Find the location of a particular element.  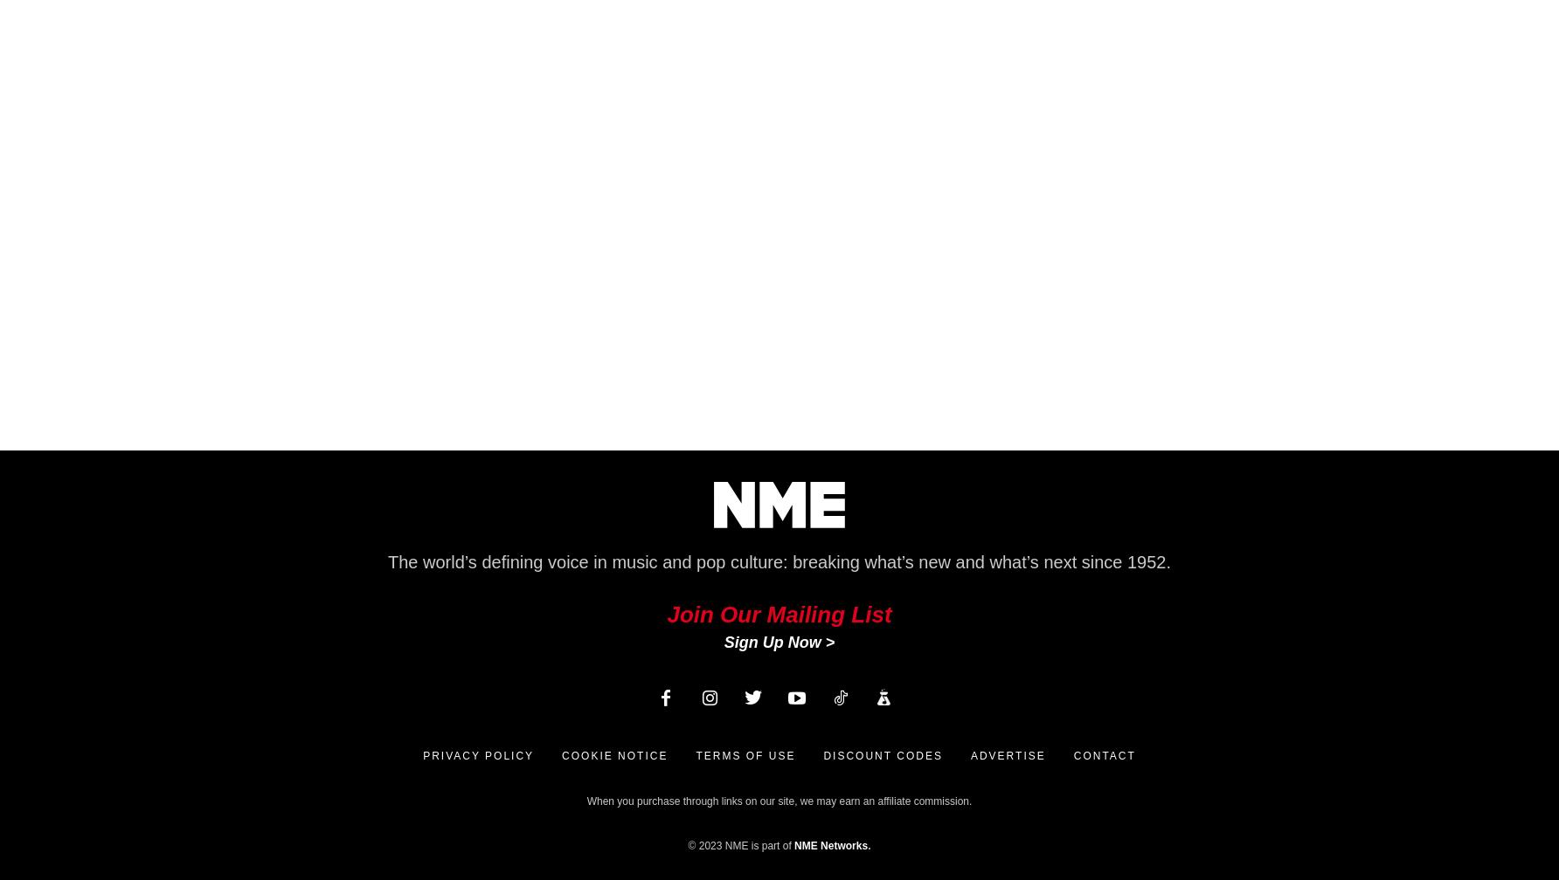

'Privacy Policy' is located at coordinates (478, 755).